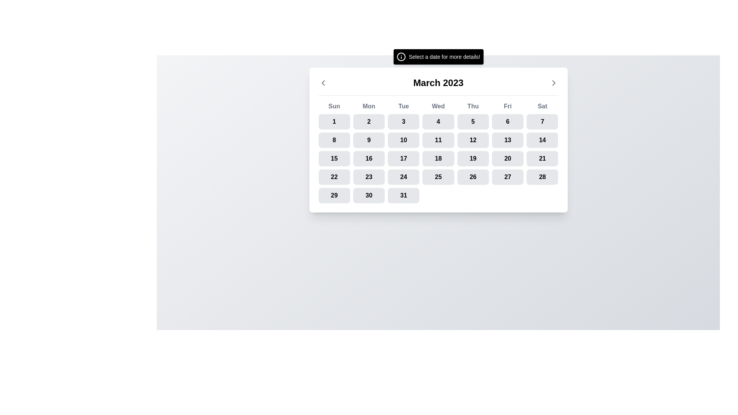 Image resolution: width=738 pixels, height=415 pixels. I want to click on the button-like selectable calendar cell displaying the date '27', which is part of a calendar grid layout, so click(508, 177).